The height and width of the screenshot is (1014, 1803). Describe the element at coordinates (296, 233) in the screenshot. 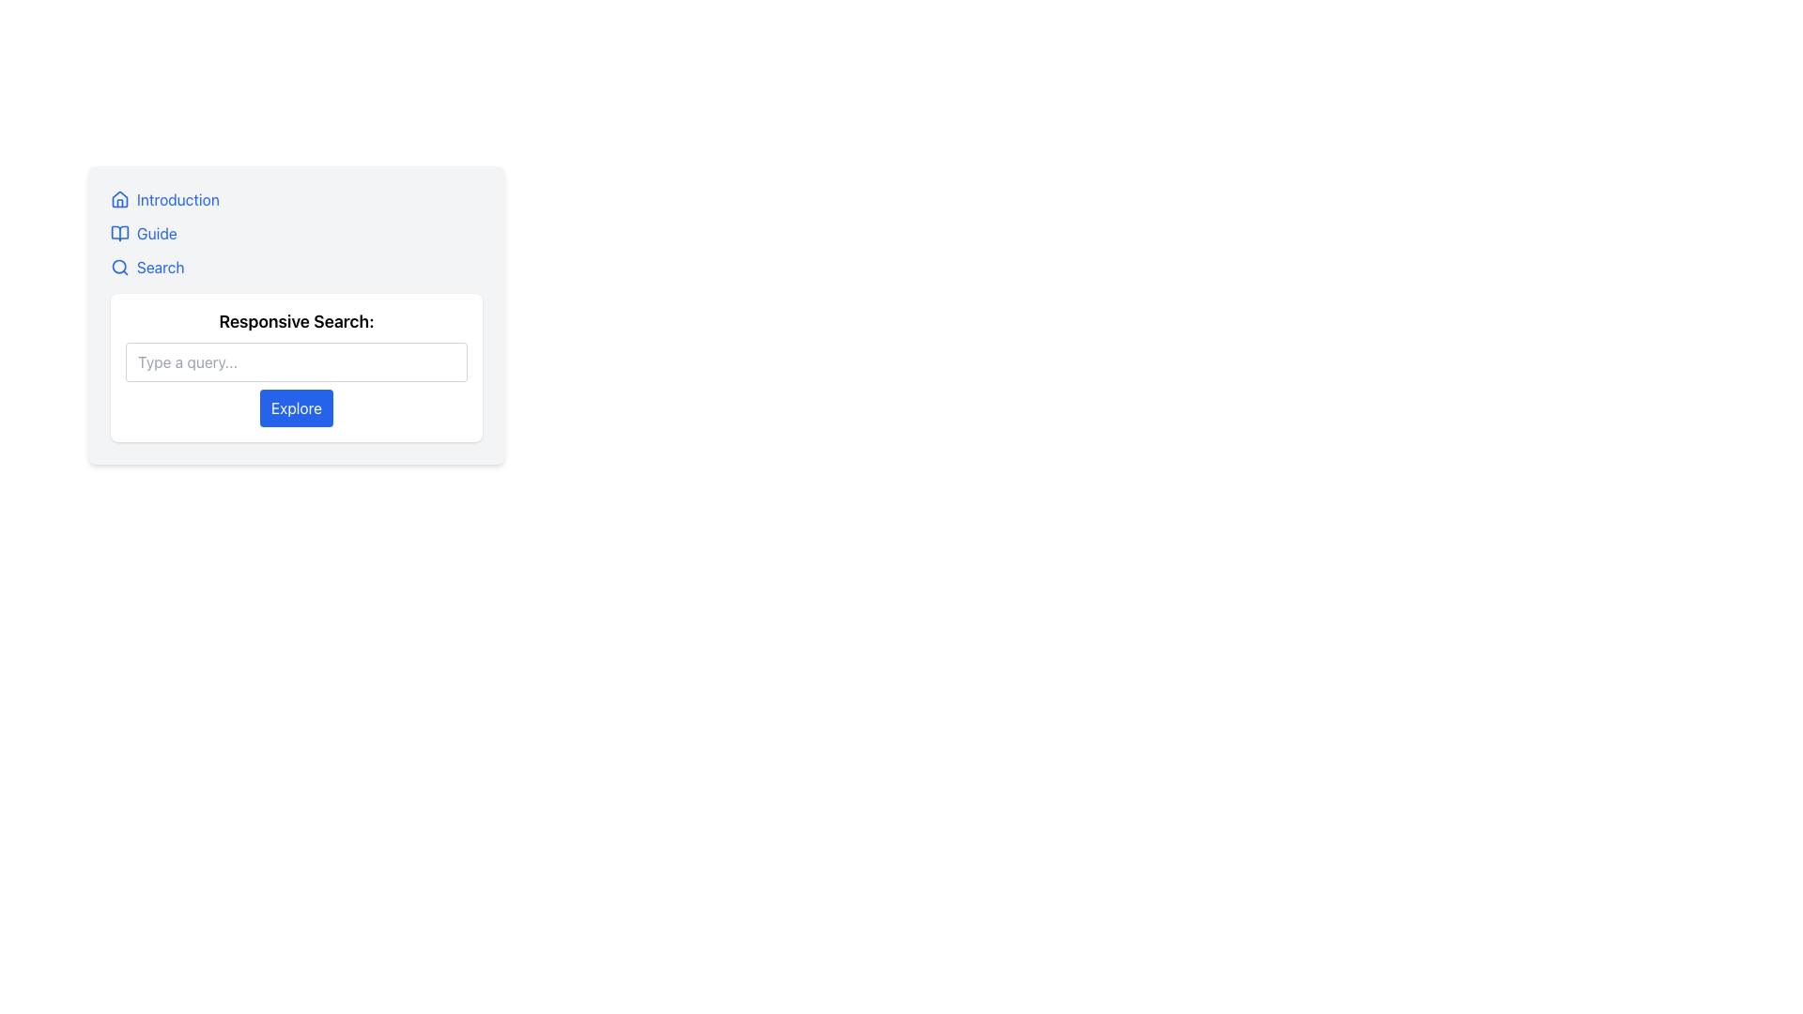

I see `the navigation link titled 'Guide', which is the second option in a vertical list of three entries, positioned below 'Introduction' and above 'Search', to provide visual feedback` at that location.